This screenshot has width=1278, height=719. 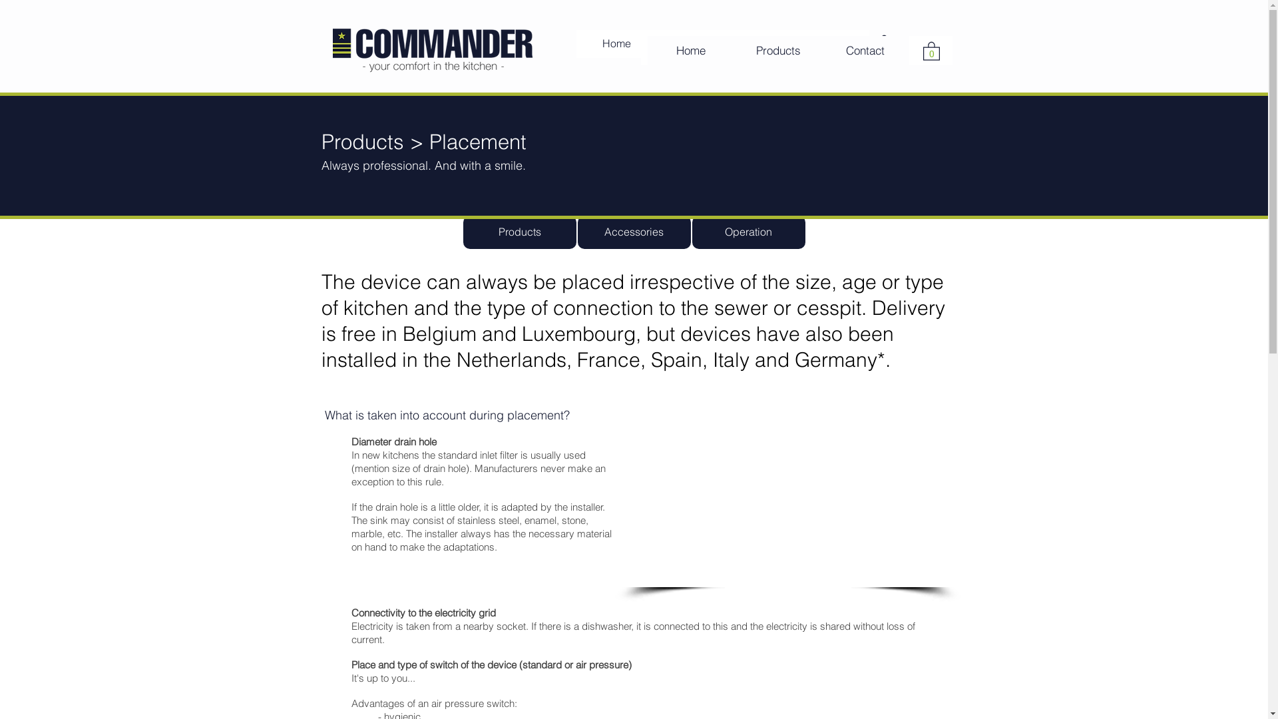 I want to click on '0', so click(x=875, y=43).